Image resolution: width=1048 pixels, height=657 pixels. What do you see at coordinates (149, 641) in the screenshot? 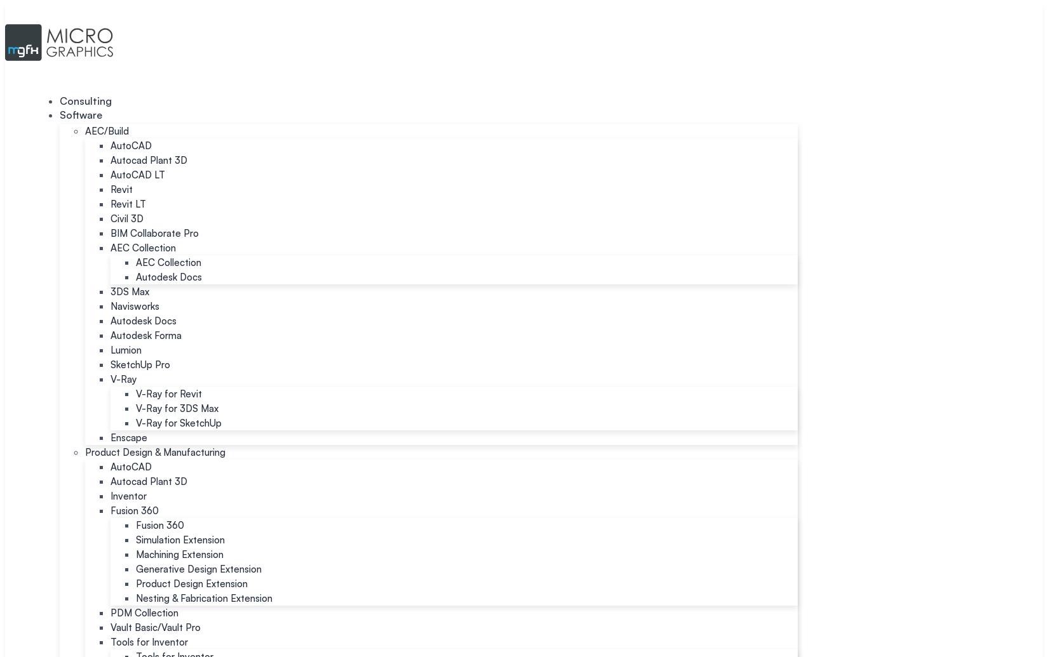
I see `'Tools for Inventor'` at bounding box center [149, 641].